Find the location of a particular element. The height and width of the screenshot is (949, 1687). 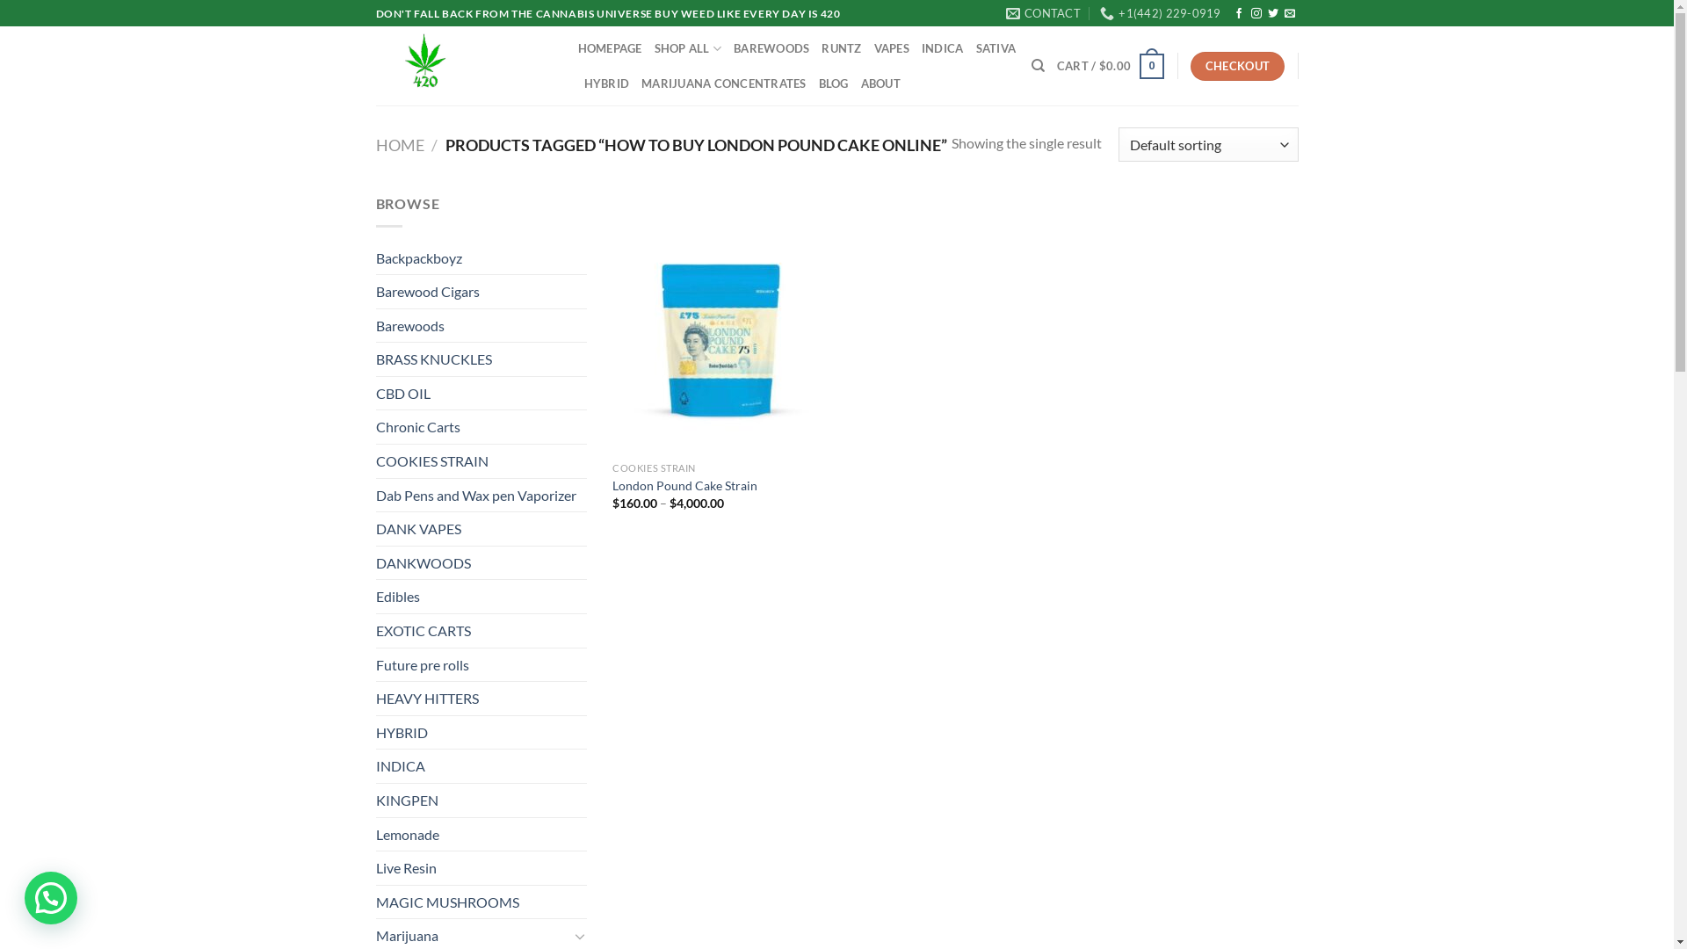

'DANK VAPES' is located at coordinates (374, 527).